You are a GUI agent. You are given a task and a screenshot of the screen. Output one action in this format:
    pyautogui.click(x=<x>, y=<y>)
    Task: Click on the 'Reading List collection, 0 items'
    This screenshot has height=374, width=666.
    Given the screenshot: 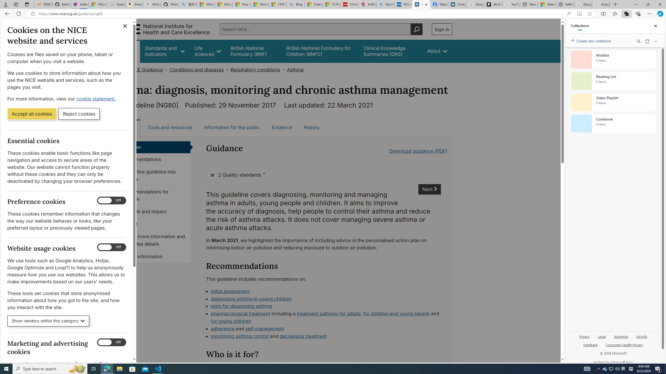 What is the action you would take?
    pyautogui.click(x=613, y=81)
    